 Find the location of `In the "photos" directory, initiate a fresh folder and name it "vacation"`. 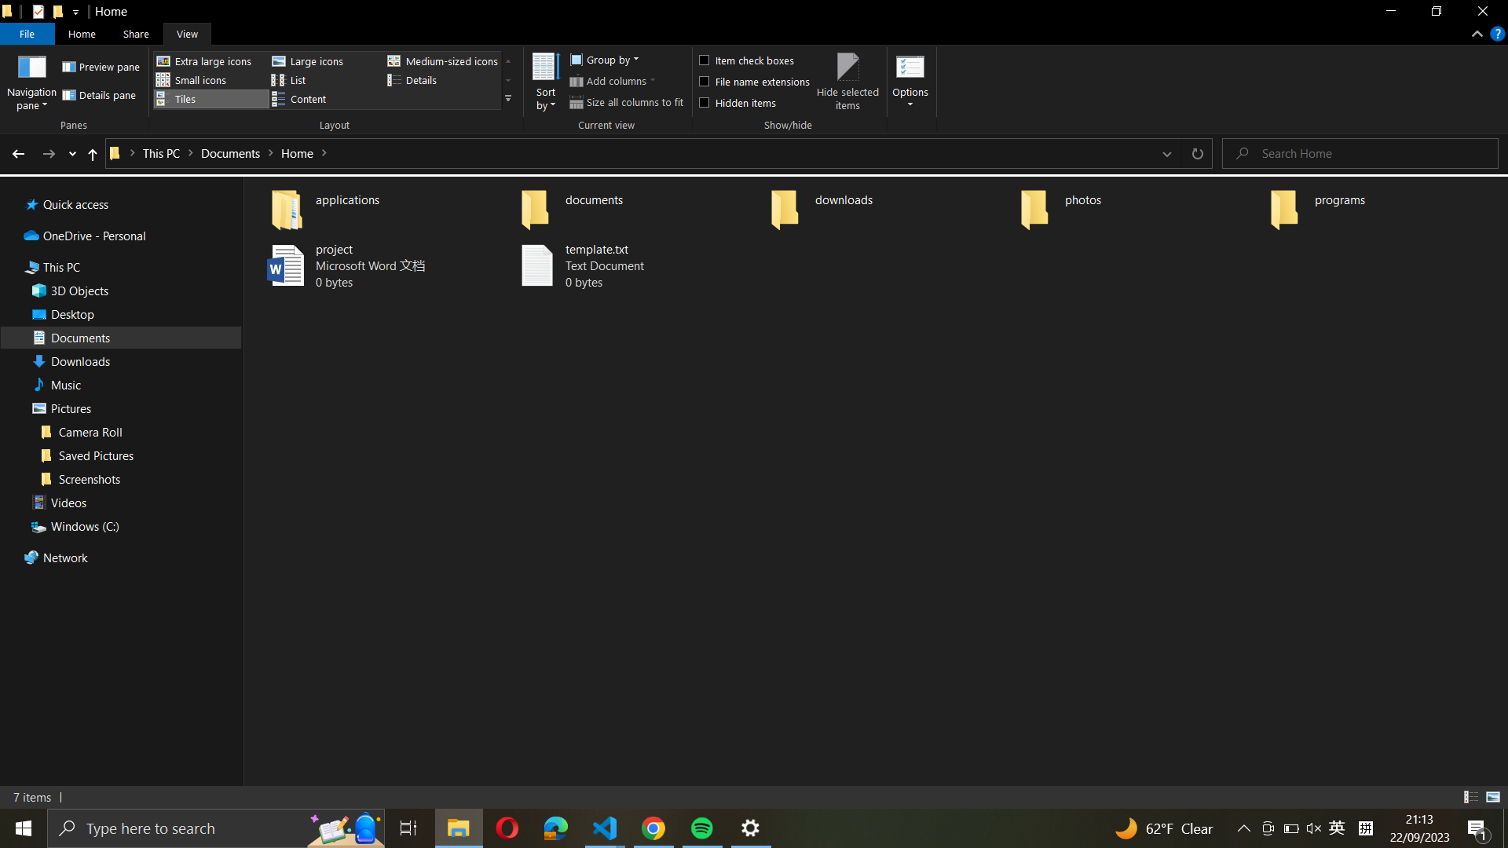

In the "photos" directory, initiate a fresh folder and name it "vacation" is located at coordinates (1138, 205).